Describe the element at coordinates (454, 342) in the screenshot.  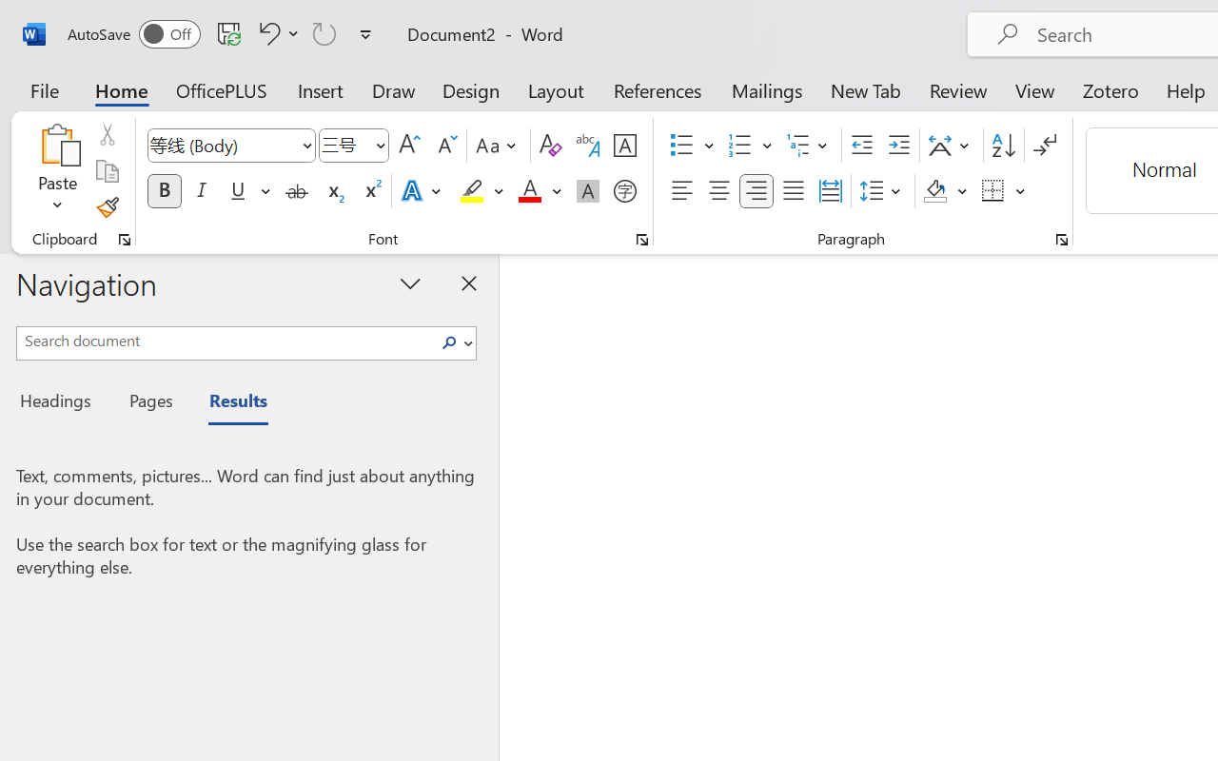
I see `'Search'` at that location.